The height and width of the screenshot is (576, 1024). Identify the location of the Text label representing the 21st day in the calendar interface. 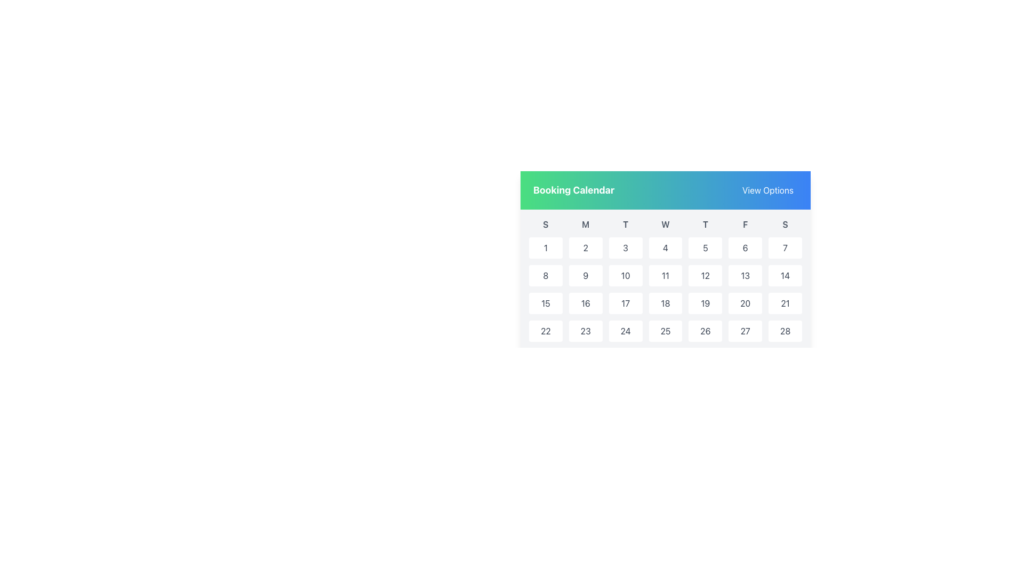
(785, 303).